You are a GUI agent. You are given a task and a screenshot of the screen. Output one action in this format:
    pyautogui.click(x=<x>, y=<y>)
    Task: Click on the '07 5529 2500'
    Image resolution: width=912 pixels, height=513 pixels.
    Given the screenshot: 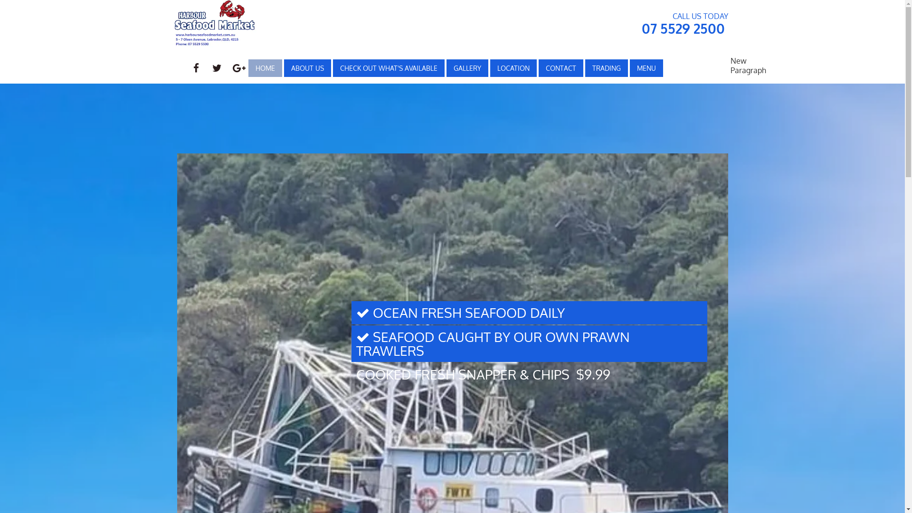 What is the action you would take?
    pyautogui.click(x=682, y=28)
    